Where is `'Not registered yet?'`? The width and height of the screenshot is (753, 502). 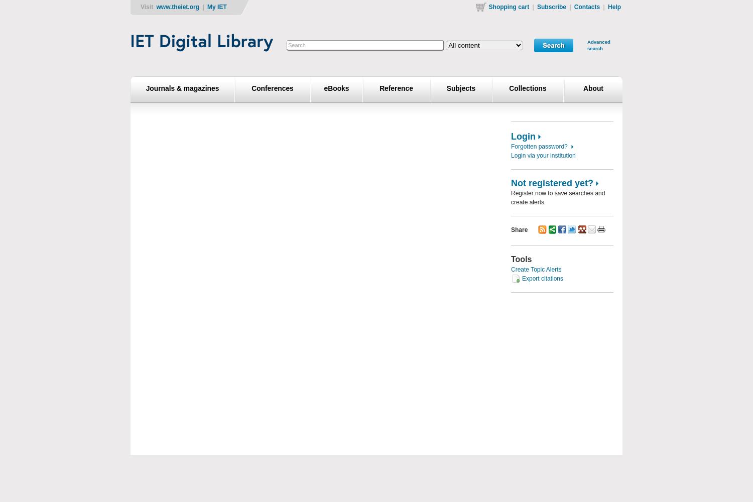 'Not registered yet?' is located at coordinates (551, 183).